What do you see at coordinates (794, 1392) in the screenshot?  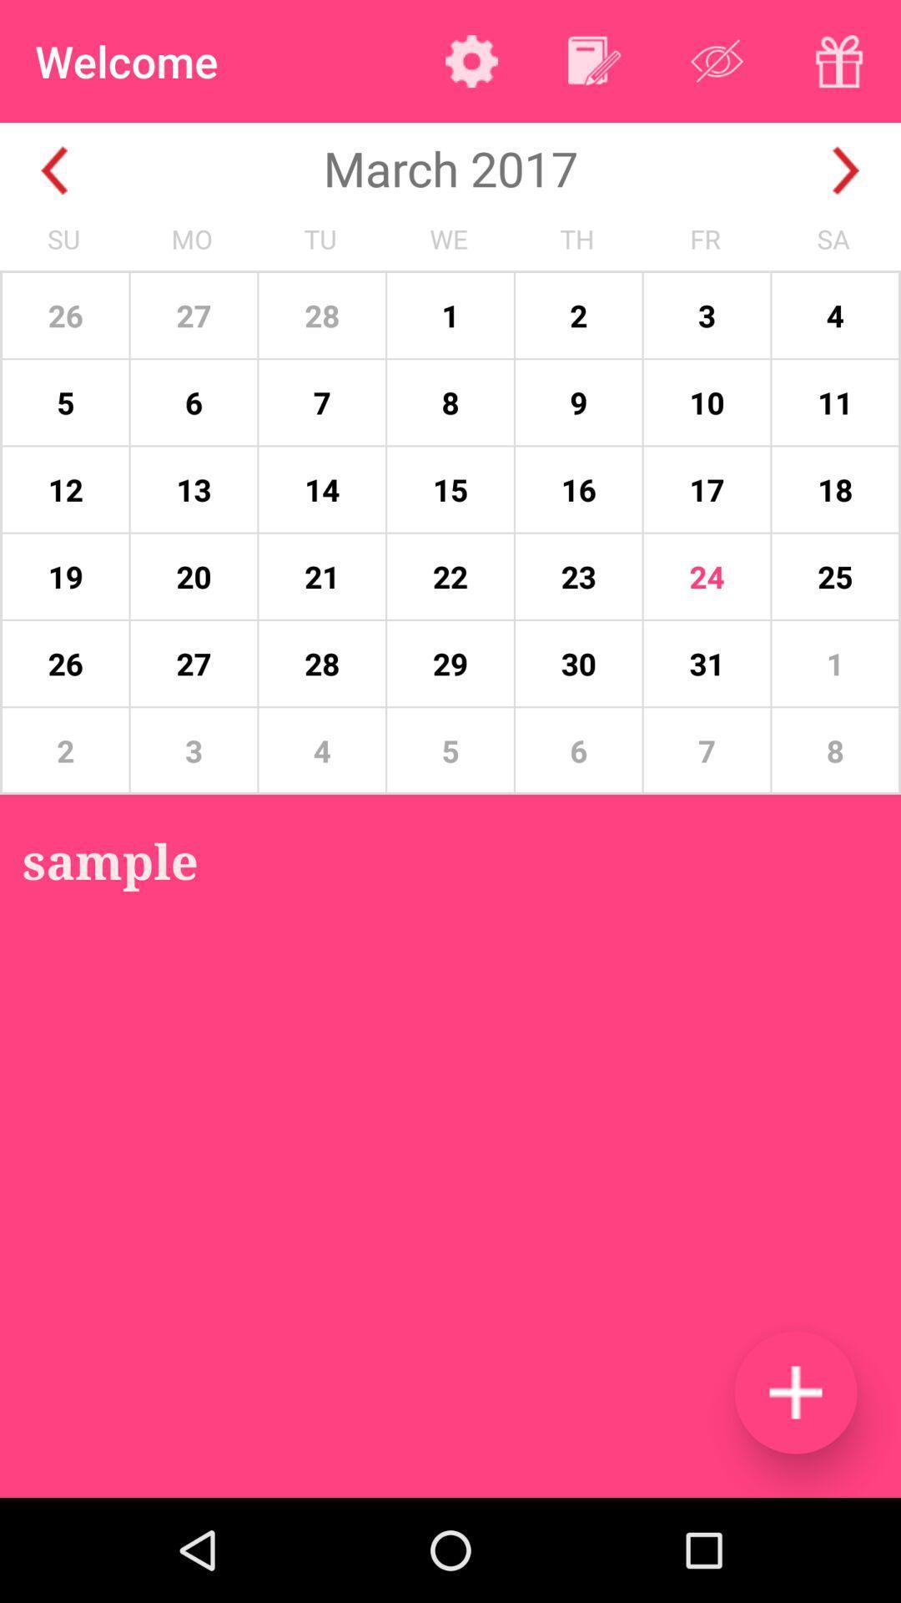 I see `appointment` at bounding box center [794, 1392].